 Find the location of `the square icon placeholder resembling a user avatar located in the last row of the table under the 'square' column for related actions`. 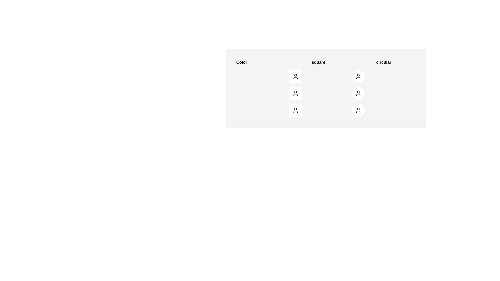

the square icon placeholder resembling a user avatar located in the last row of the table under the 'square' column for related actions is located at coordinates (326, 110).